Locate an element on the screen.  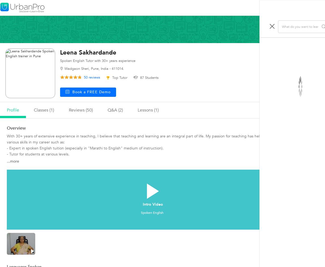
'Tutor' is located at coordinates (311, 177).